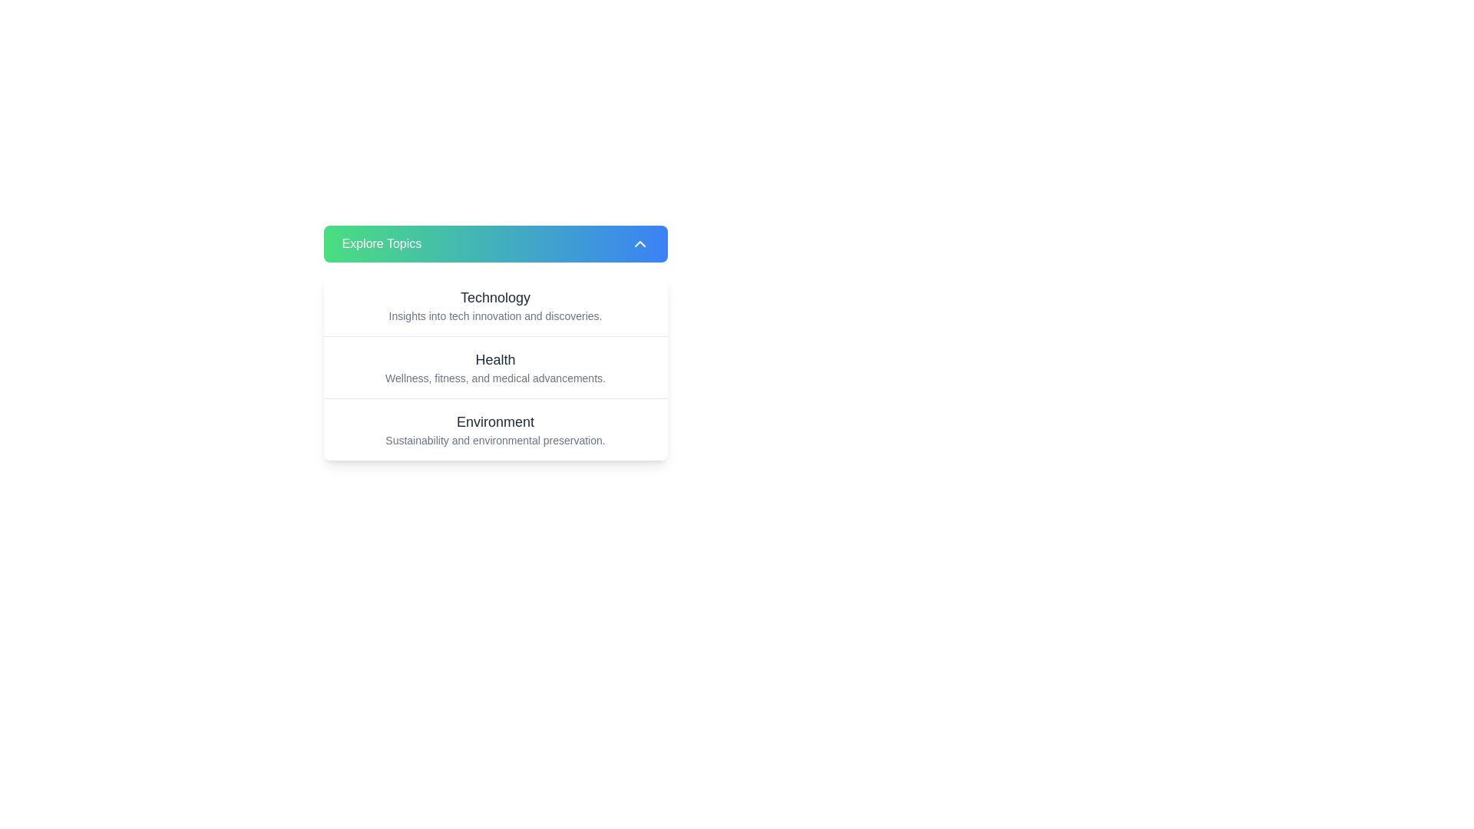 The height and width of the screenshot is (829, 1474). What do you see at coordinates (495, 243) in the screenshot?
I see `the 'Explore Topics' toggle button at the top of the card component` at bounding box center [495, 243].